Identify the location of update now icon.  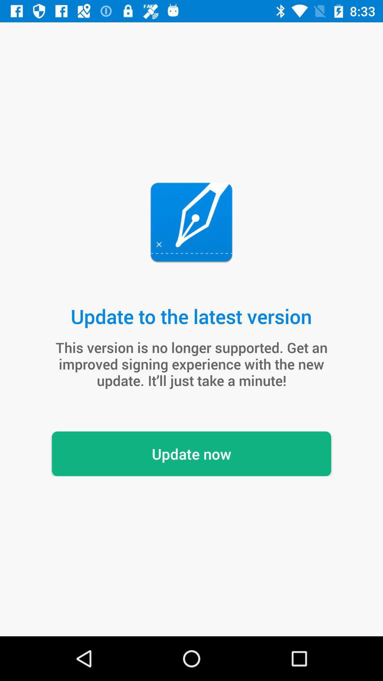
(191, 453).